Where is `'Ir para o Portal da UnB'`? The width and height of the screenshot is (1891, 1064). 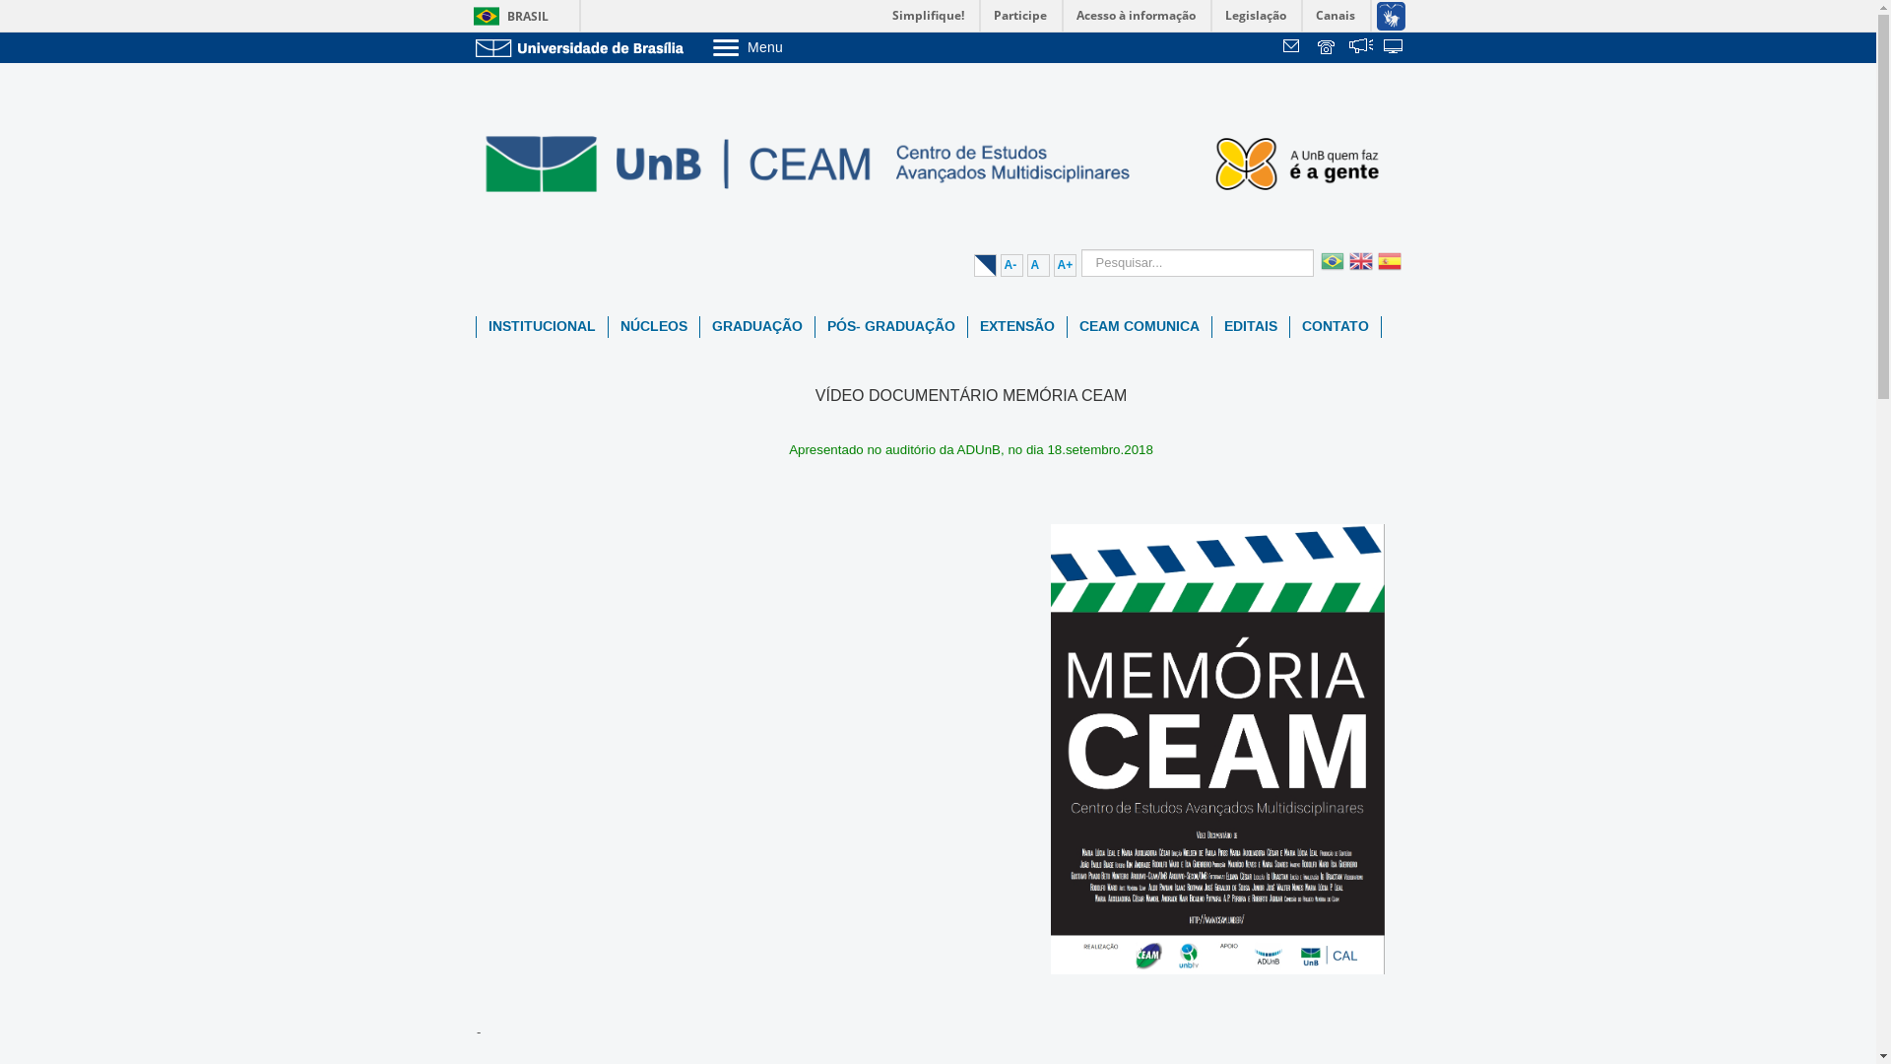 'Ir para o Portal da UnB' is located at coordinates (581, 46).